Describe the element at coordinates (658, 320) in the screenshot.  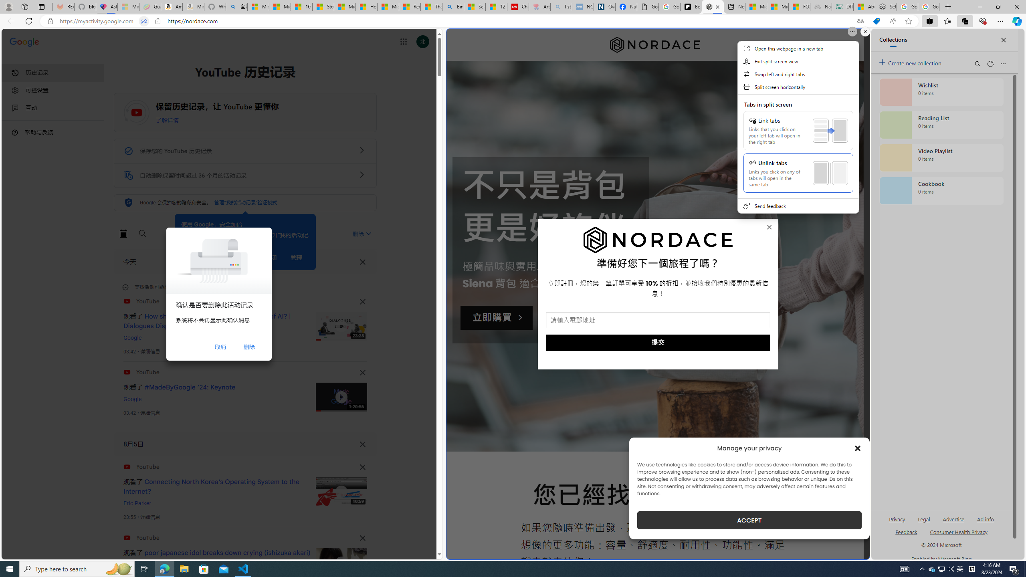
I see `'AutomationID: input_5_1'` at that location.